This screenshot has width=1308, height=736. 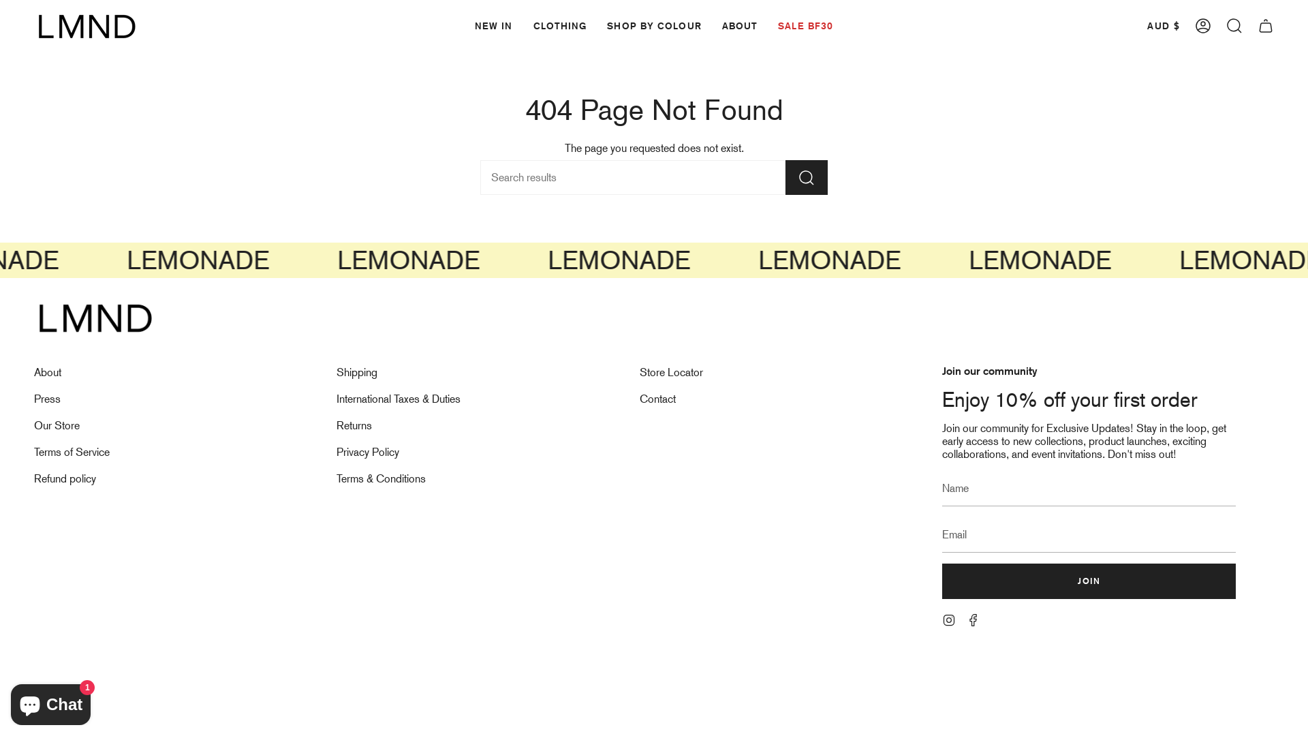 I want to click on 'NEW IN', so click(x=464, y=26).